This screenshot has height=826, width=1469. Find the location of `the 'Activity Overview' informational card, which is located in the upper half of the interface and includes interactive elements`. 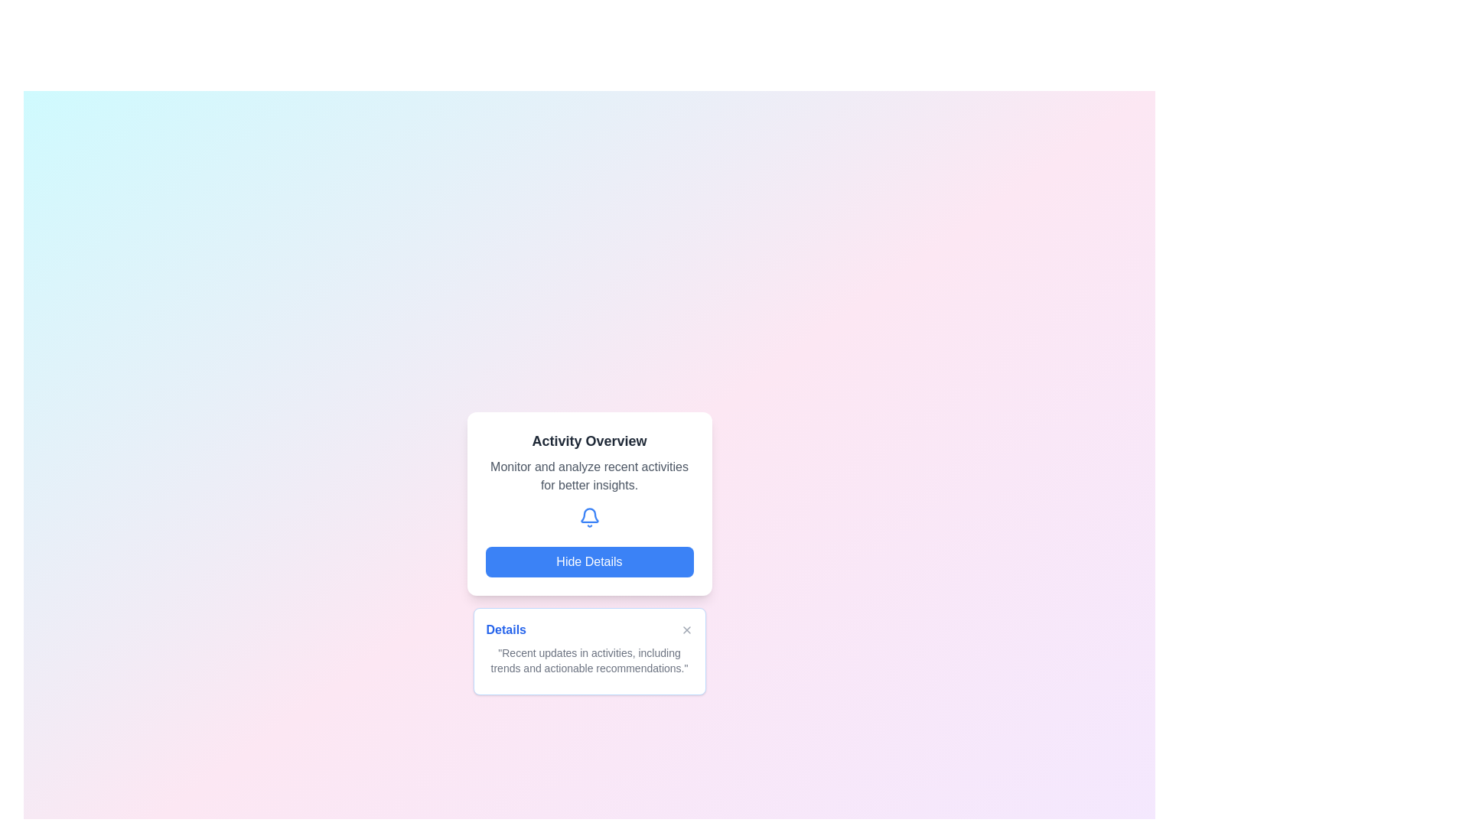

the 'Activity Overview' informational card, which is located in the upper half of the interface and includes interactive elements is located at coordinates (588, 504).